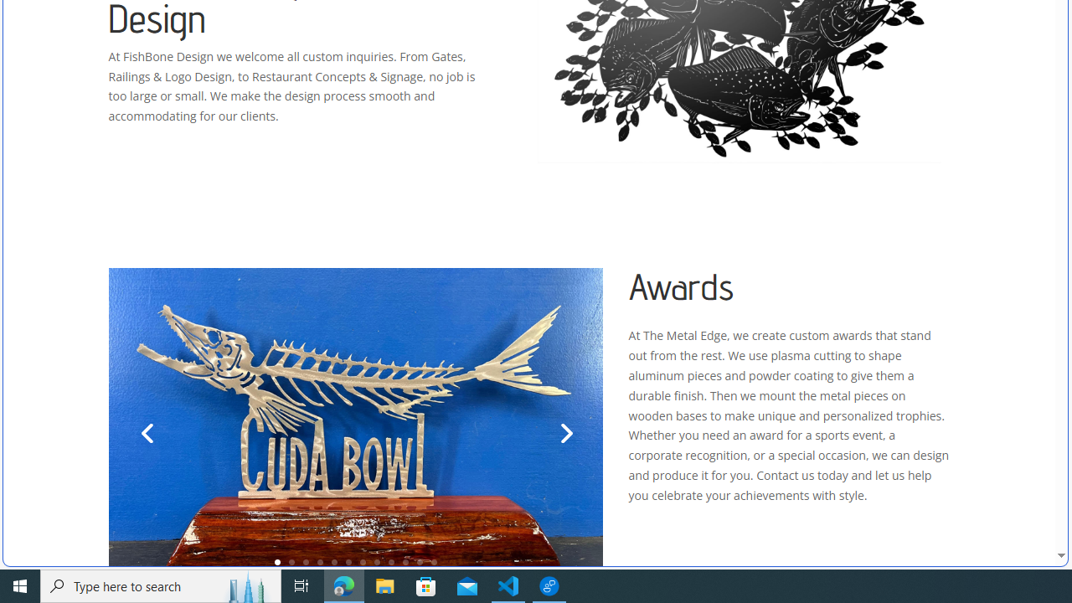 The width and height of the screenshot is (1072, 603). Describe the element at coordinates (390, 562) in the screenshot. I see `'9'` at that location.